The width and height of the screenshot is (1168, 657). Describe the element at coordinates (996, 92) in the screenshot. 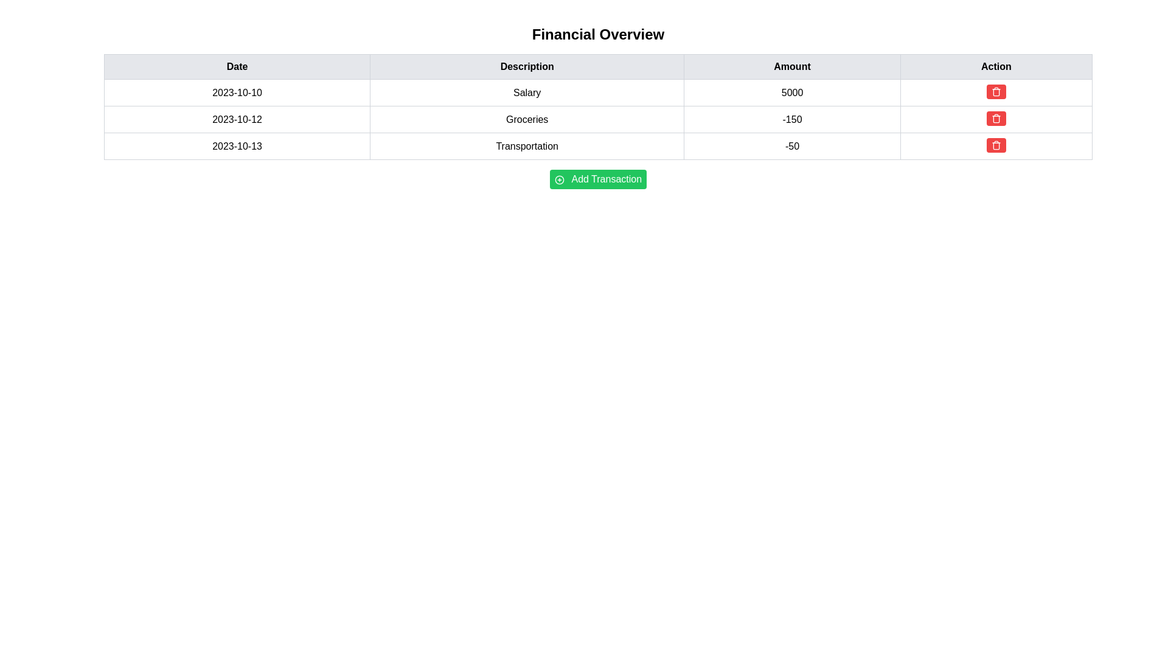

I see `the red button with a trash icon in the 'Action' column of the 'Salary' row` at that location.